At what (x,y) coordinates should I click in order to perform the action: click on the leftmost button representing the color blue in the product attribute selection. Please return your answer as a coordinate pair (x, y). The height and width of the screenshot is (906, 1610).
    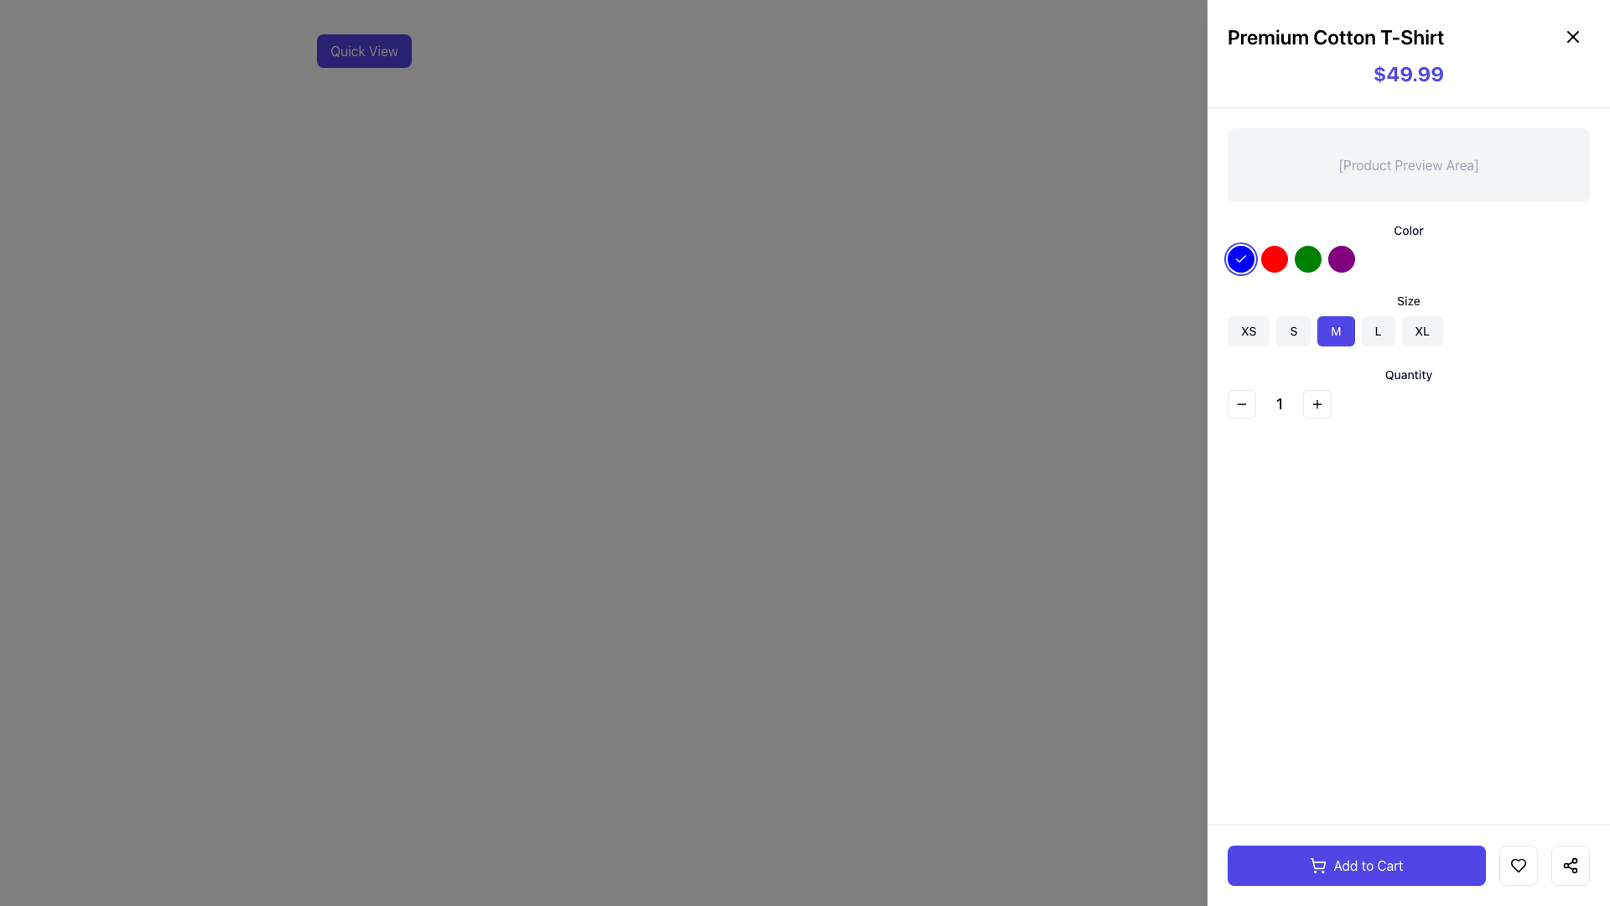
    Looking at the image, I should click on (1240, 258).